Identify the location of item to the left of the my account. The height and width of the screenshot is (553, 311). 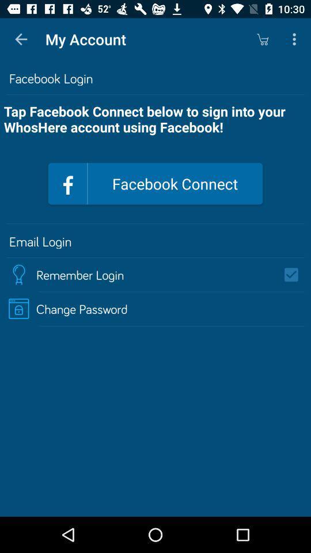
(21, 39).